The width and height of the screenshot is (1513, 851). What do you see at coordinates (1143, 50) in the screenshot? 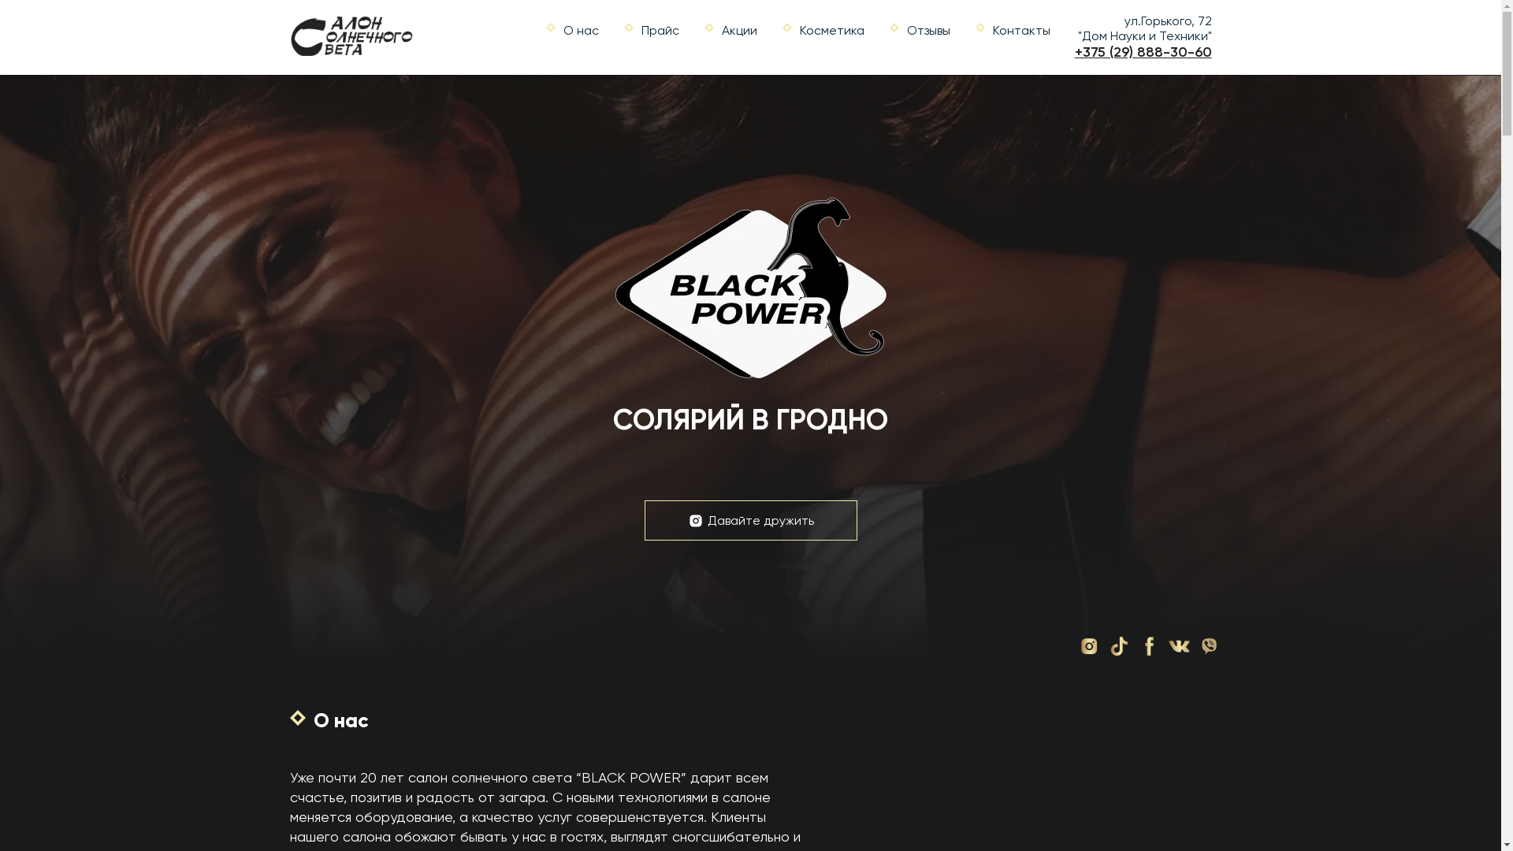
I see `'+375 (29) 888-30-60'` at bounding box center [1143, 50].